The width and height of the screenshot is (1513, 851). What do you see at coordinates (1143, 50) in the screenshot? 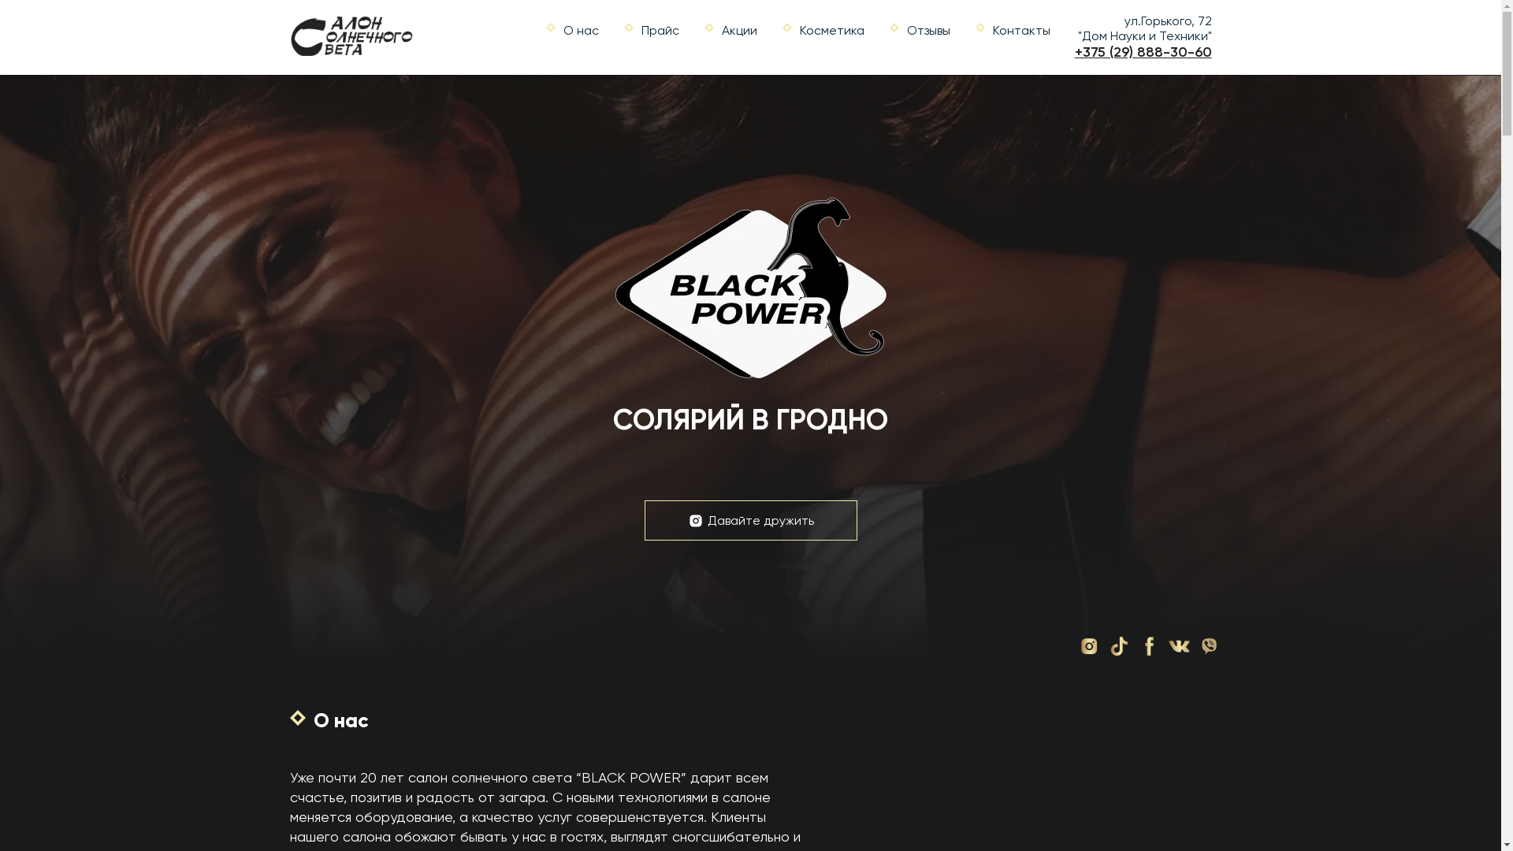
I see `'+375 (29) 888-30-60'` at bounding box center [1143, 50].